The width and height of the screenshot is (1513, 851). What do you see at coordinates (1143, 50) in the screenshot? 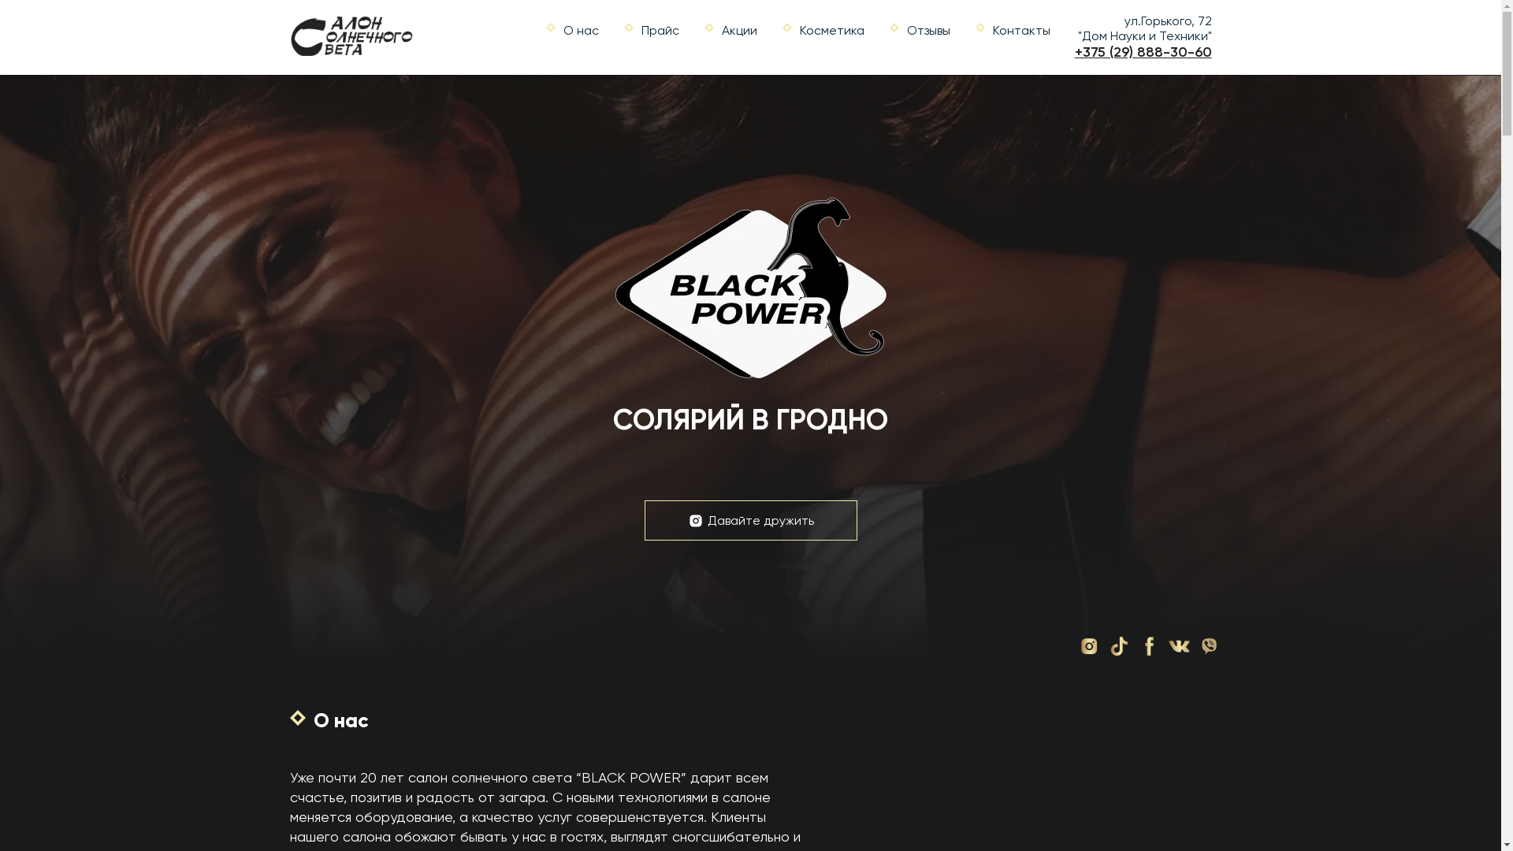
I see `'+375 (29) 888-30-60'` at bounding box center [1143, 50].